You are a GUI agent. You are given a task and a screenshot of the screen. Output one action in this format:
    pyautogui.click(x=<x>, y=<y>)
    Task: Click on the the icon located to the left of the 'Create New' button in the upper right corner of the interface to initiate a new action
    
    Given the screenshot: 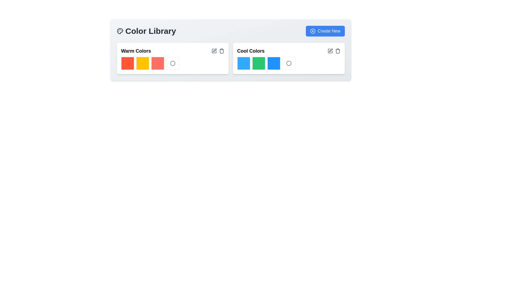 What is the action you would take?
    pyautogui.click(x=313, y=31)
    